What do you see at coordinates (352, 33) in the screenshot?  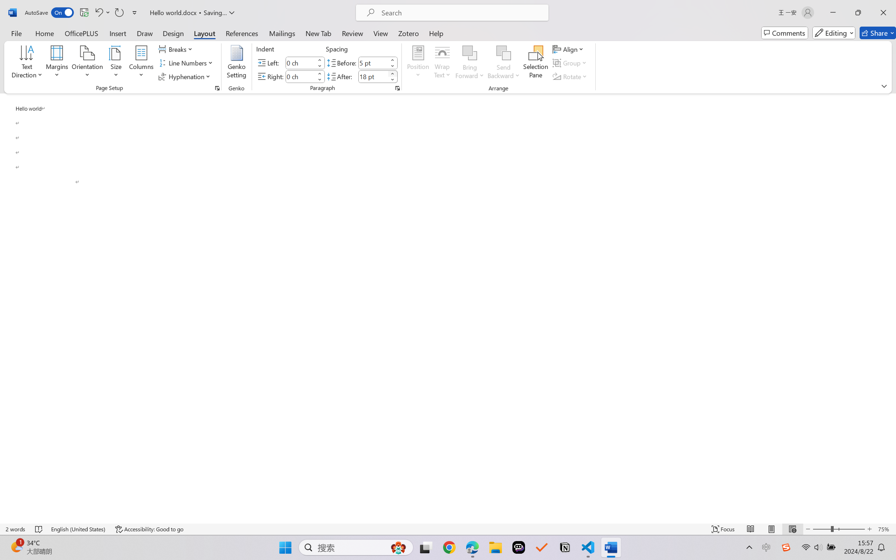 I see `'Review'` at bounding box center [352, 33].